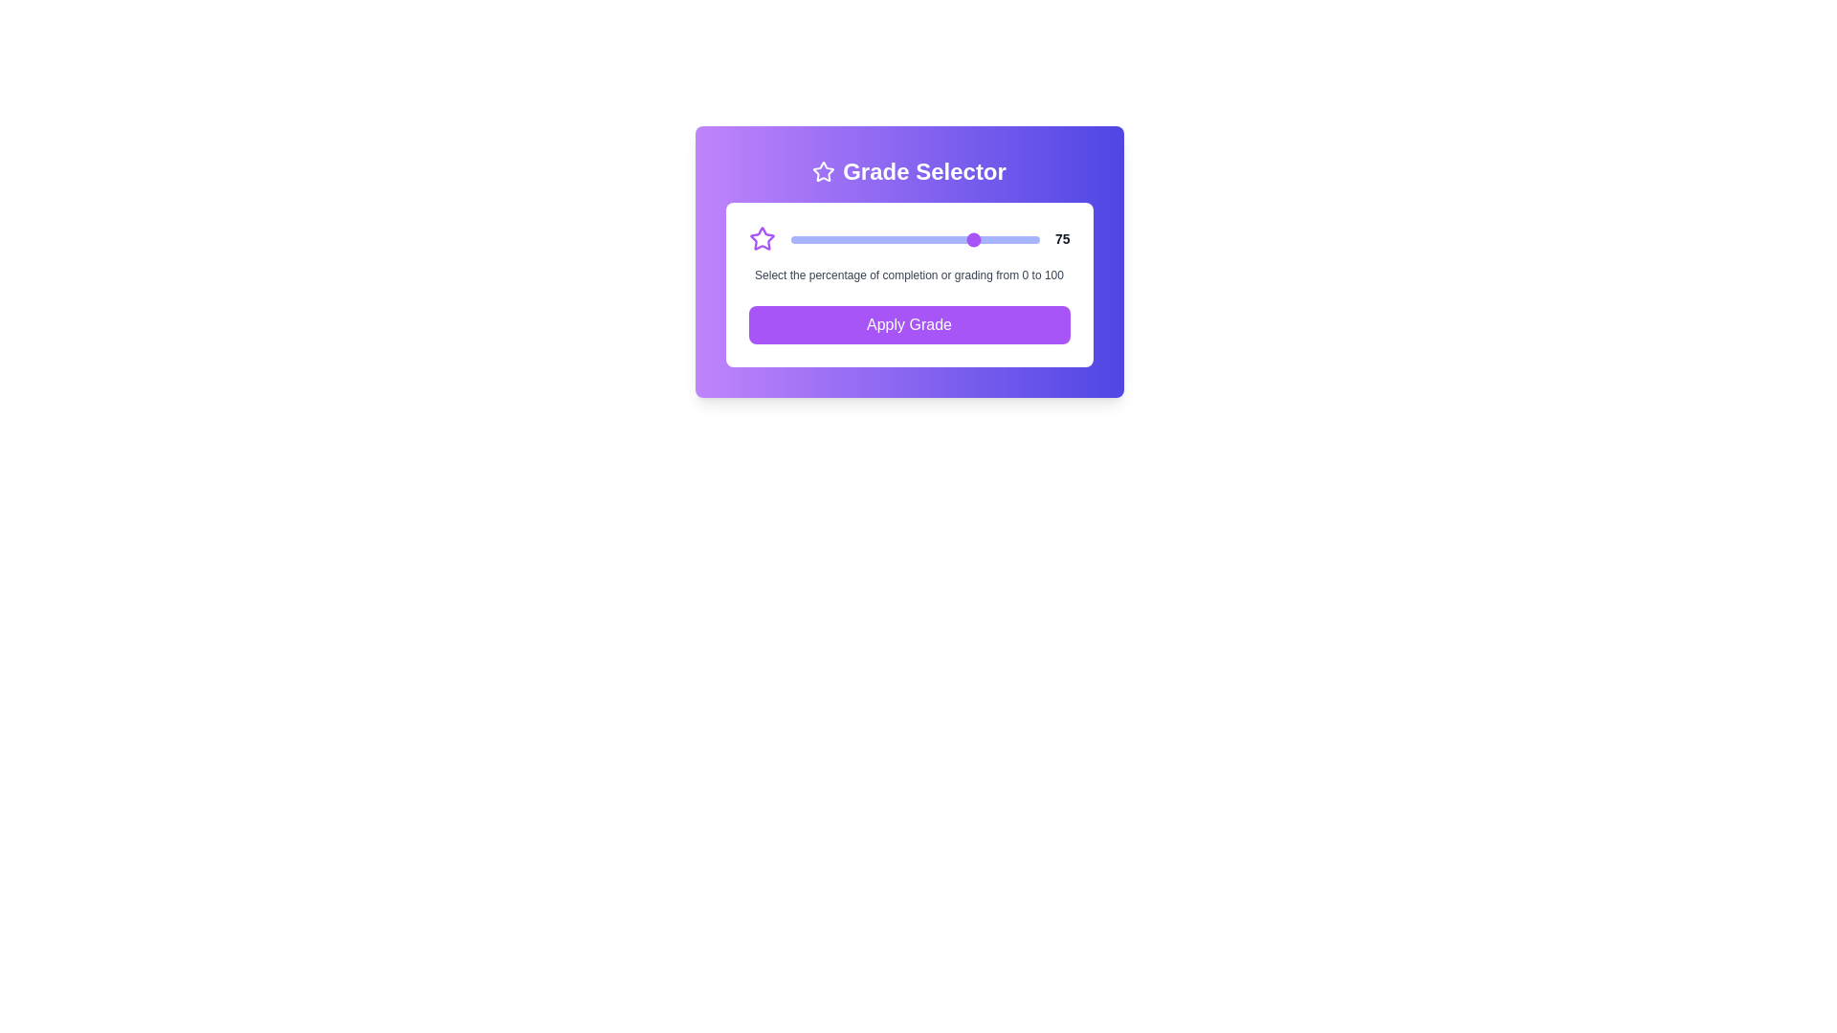  I want to click on the slider, so click(932, 238).